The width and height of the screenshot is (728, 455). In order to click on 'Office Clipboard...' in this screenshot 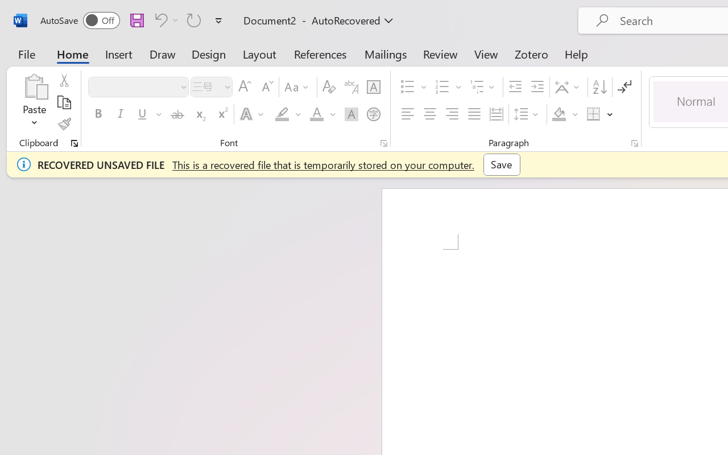, I will do `click(74, 143)`.